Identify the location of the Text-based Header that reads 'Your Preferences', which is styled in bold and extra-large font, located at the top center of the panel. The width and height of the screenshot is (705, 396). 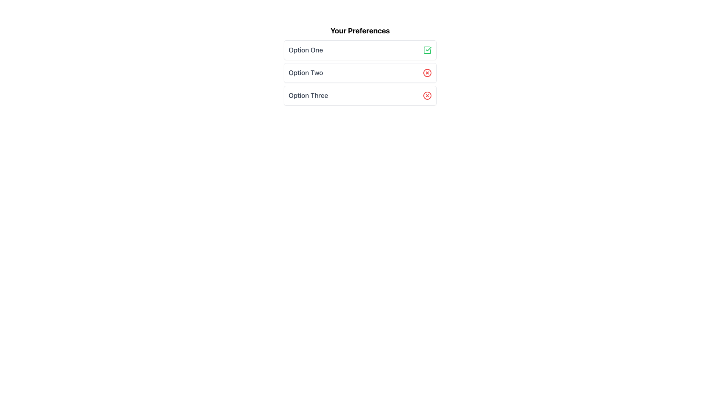
(360, 30).